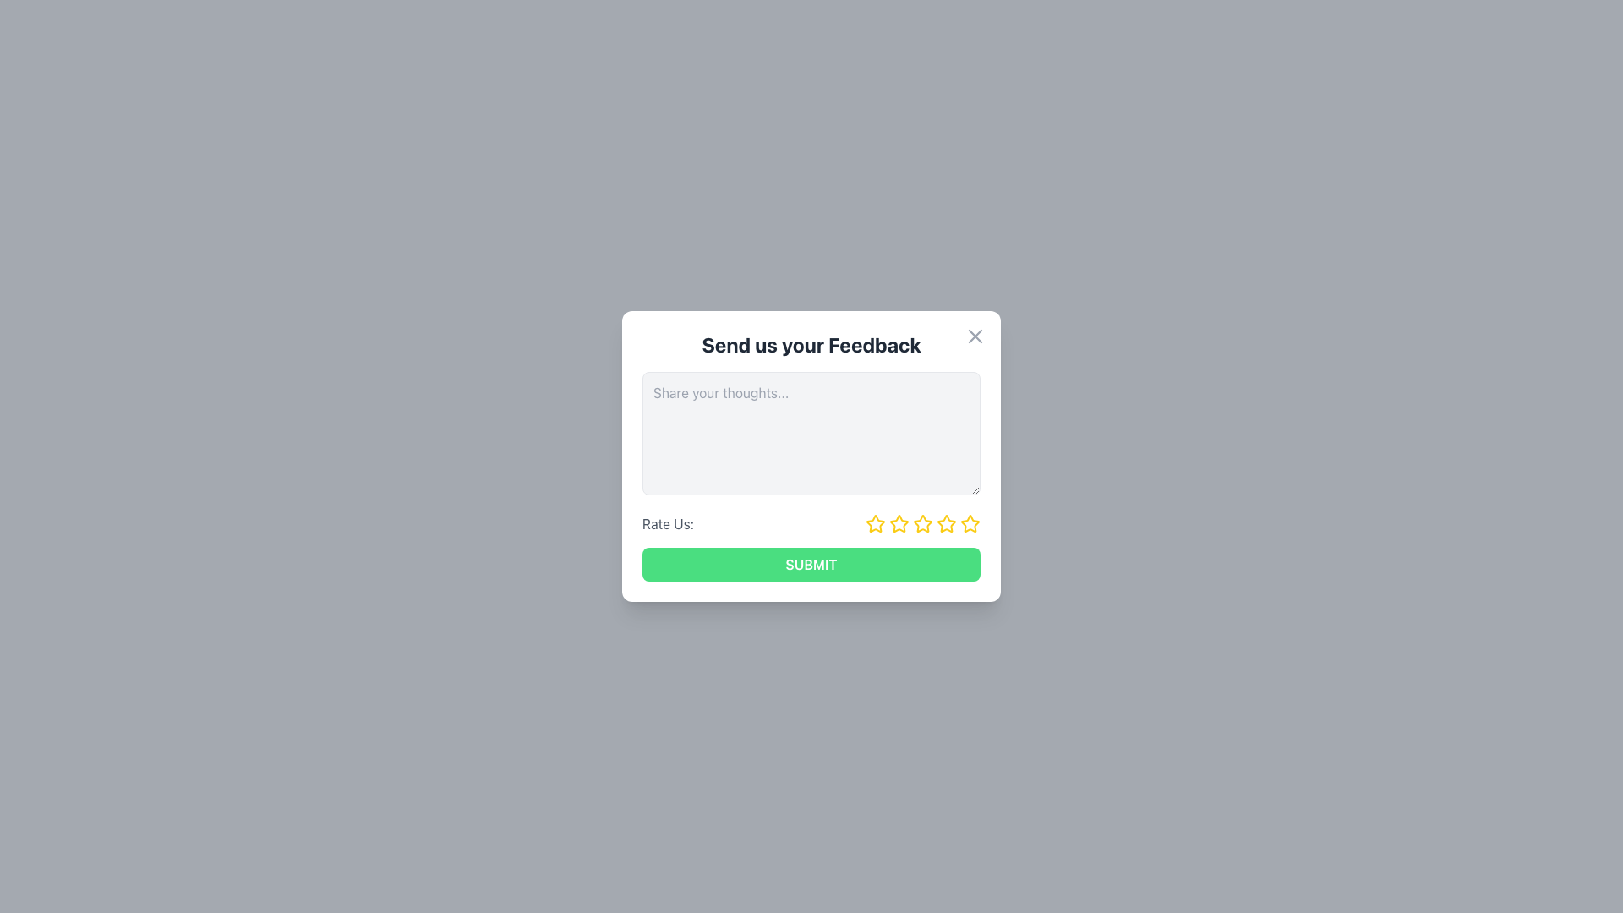 This screenshot has width=1623, height=913. I want to click on the 'X' close button located at the top-right corner of the feedback modal box to change its color, so click(975, 336).